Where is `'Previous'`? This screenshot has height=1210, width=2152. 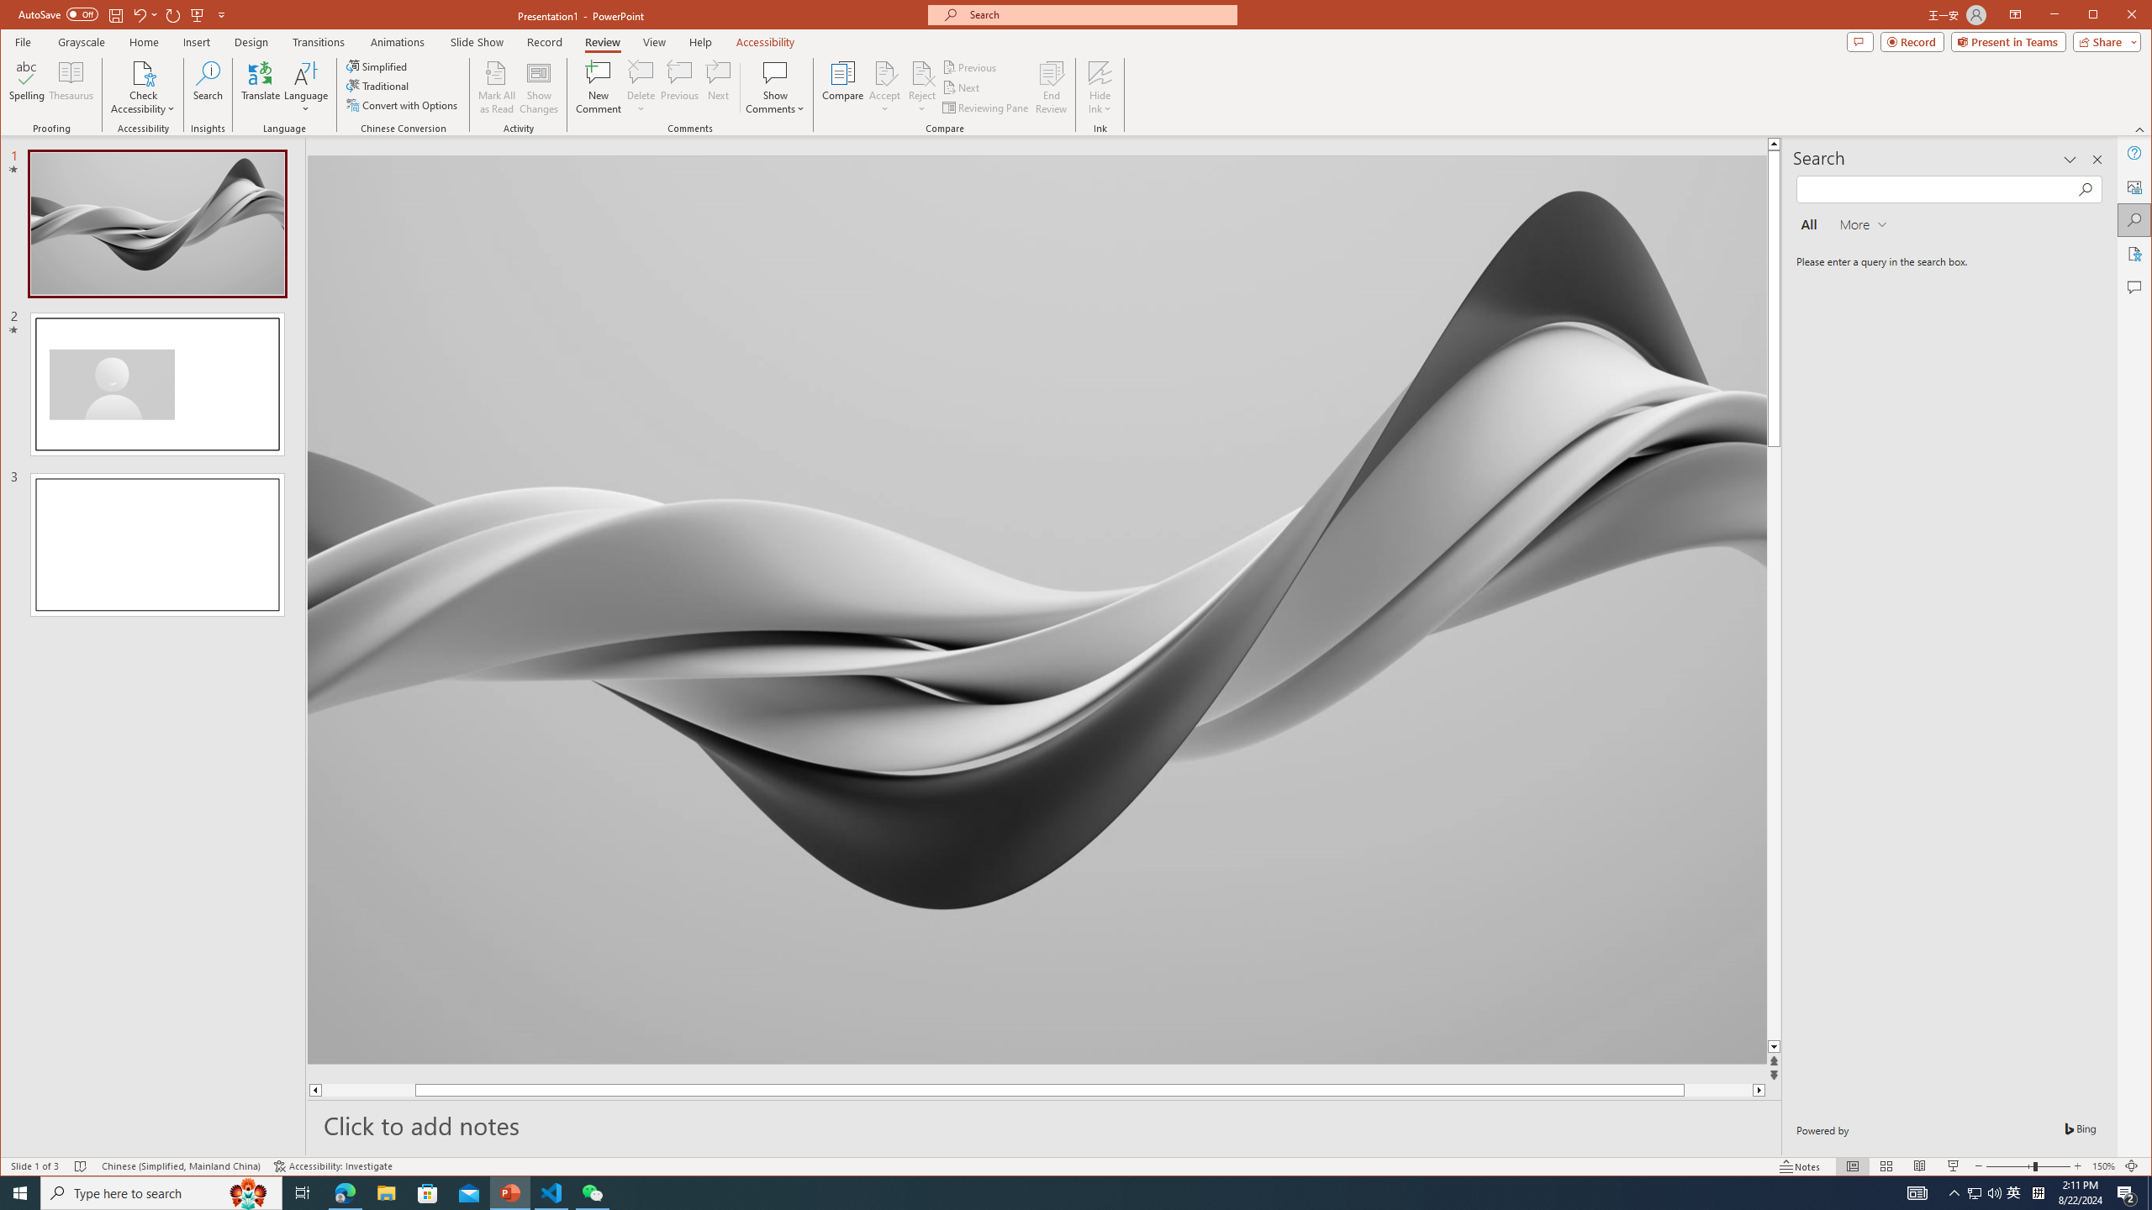 'Previous' is located at coordinates (970, 67).